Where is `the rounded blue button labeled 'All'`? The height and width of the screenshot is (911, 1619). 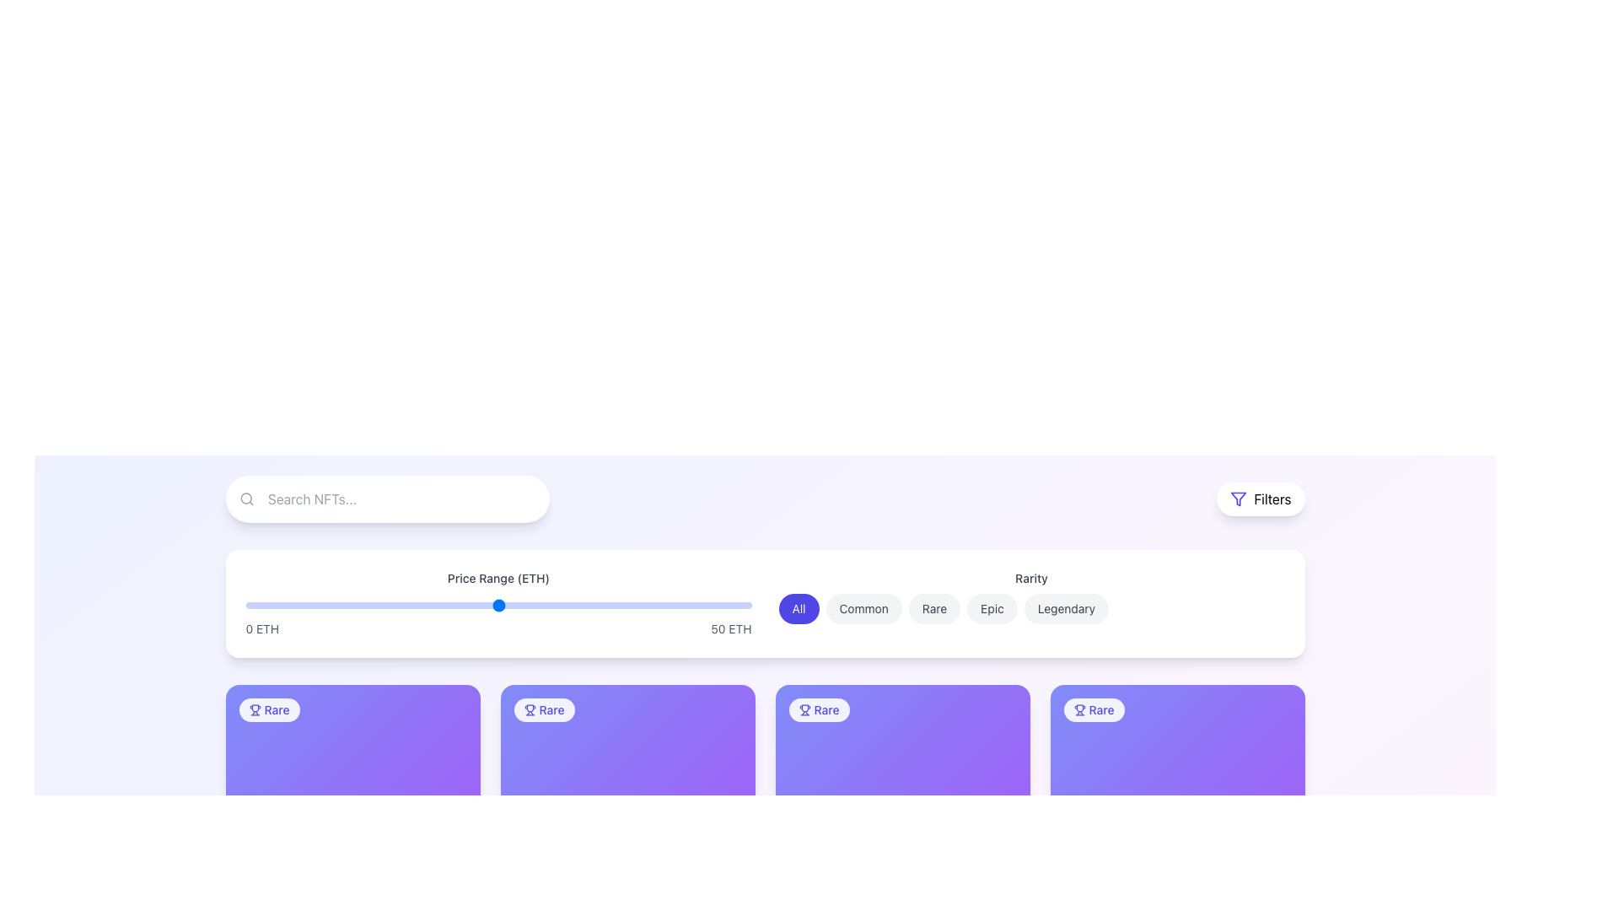 the rounded blue button labeled 'All' is located at coordinates (798, 608).